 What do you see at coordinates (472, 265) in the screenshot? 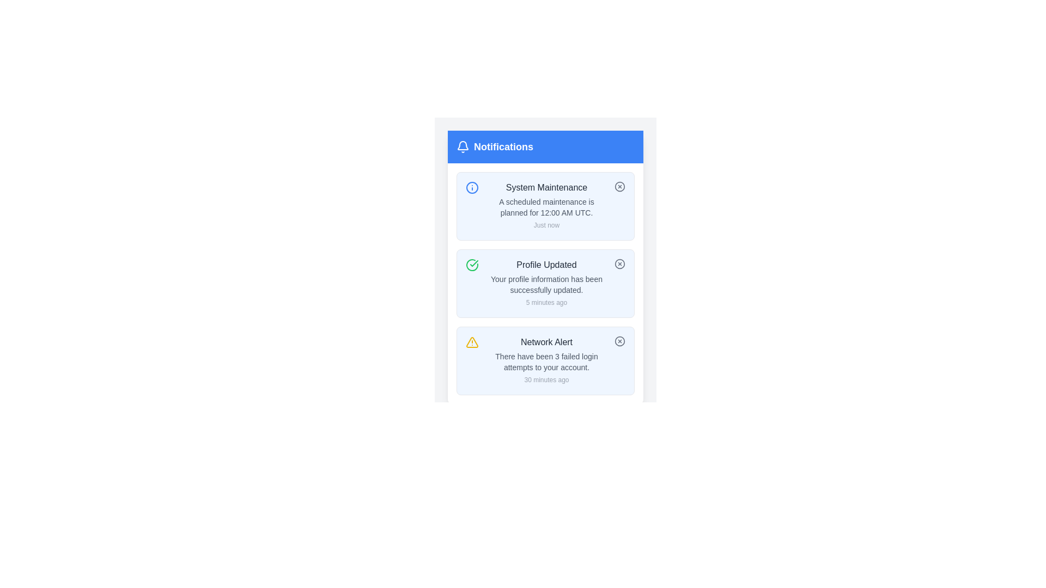
I see `the status icon indicating a successful profile update within the 'Profile Updated' notification card` at bounding box center [472, 265].